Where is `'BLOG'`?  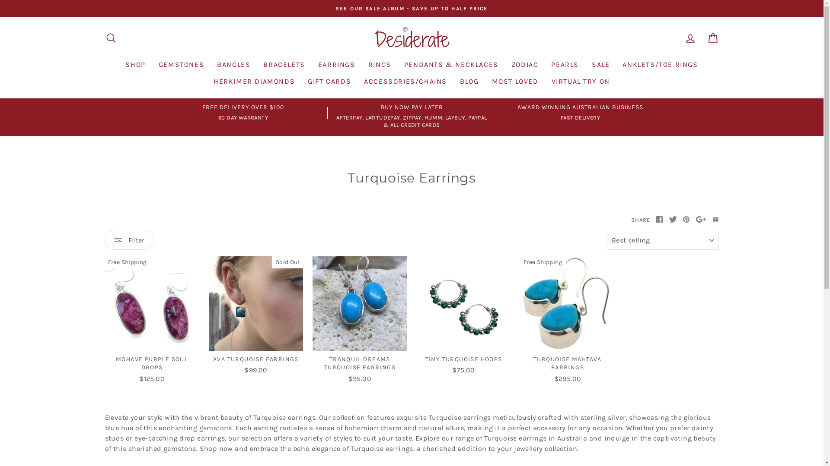 'BLOG' is located at coordinates (469, 81).